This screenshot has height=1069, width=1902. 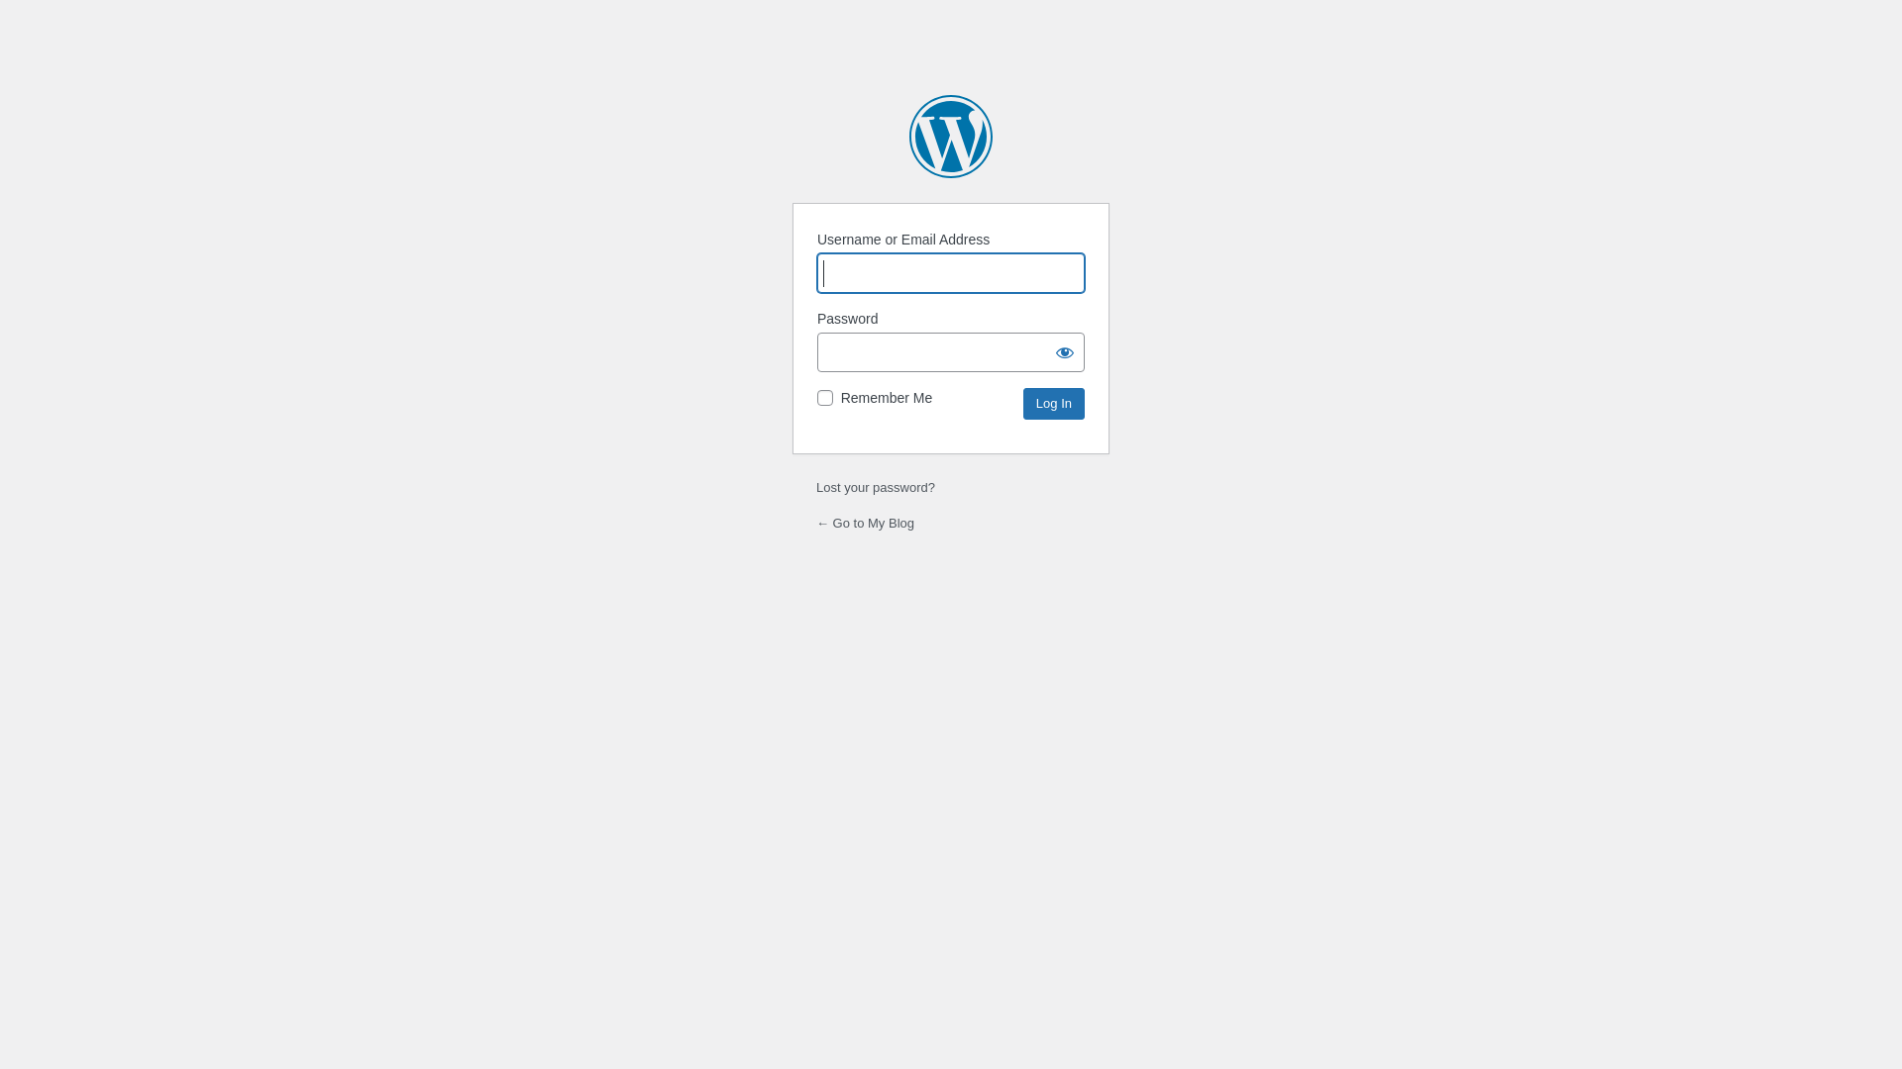 I want to click on 'Powered by WordPress', so click(x=951, y=136).